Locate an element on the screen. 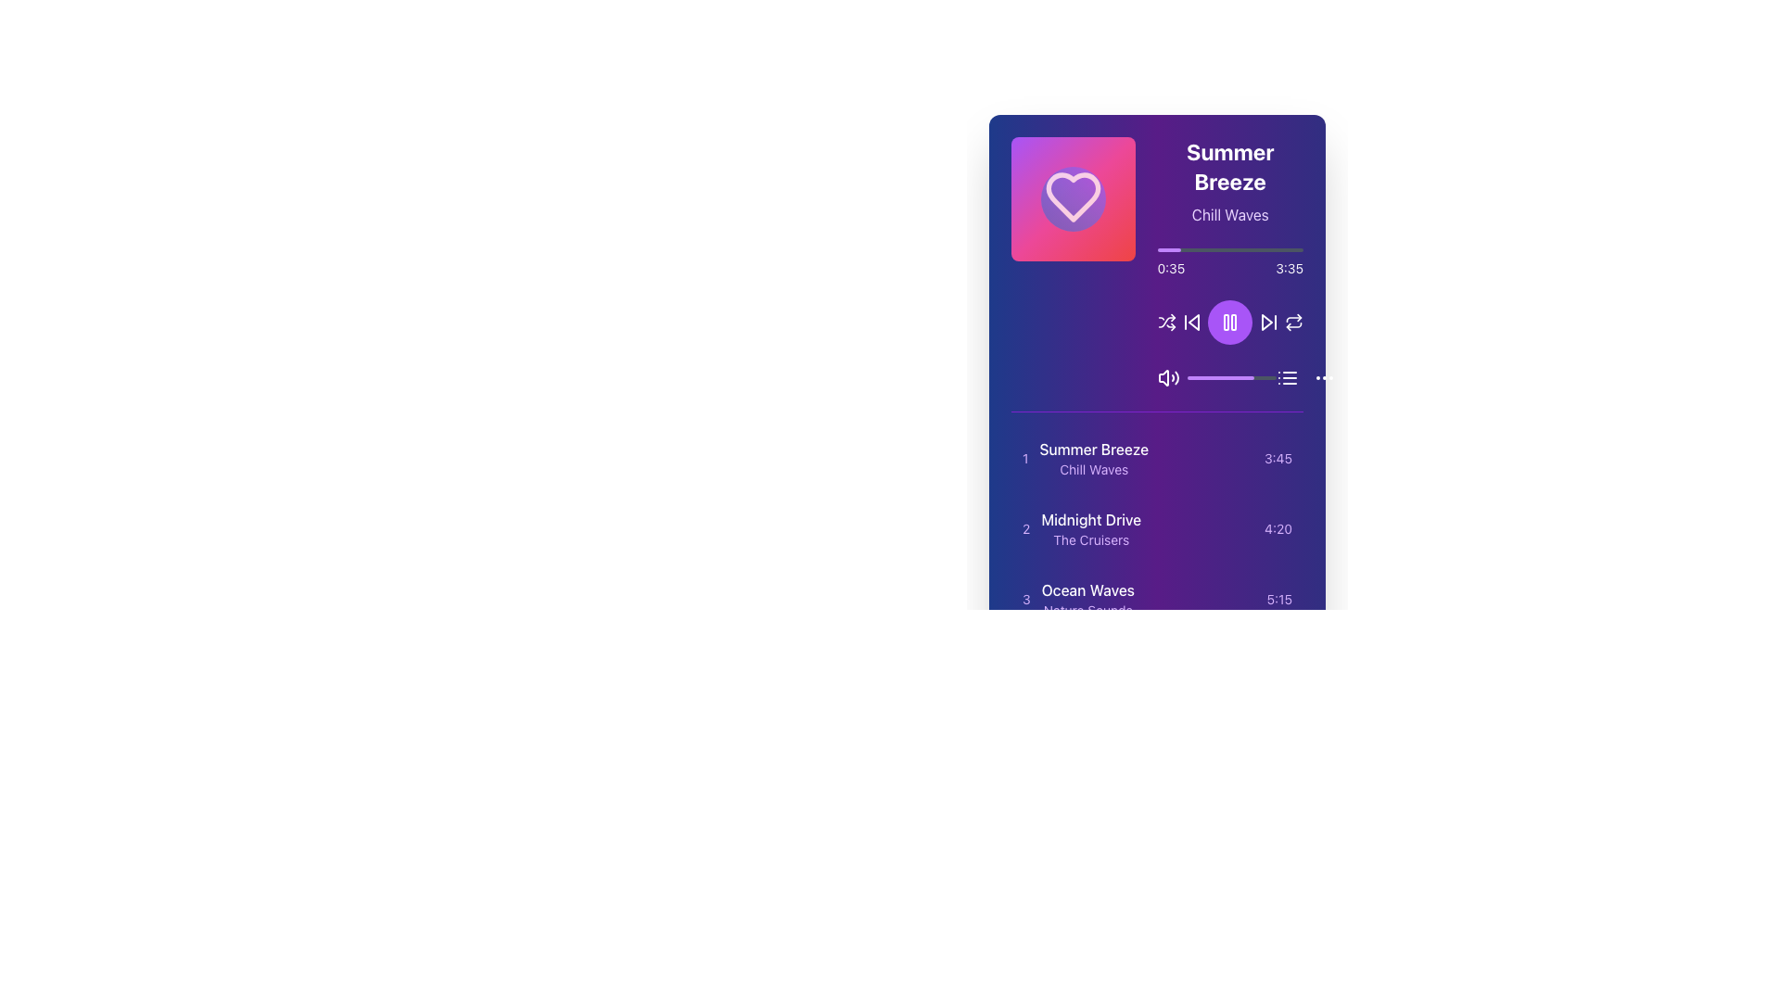 The width and height of the screenshot is (1780, 1001). the second item in the playlist list to play the specific track is located at coordinates (1156, 528).